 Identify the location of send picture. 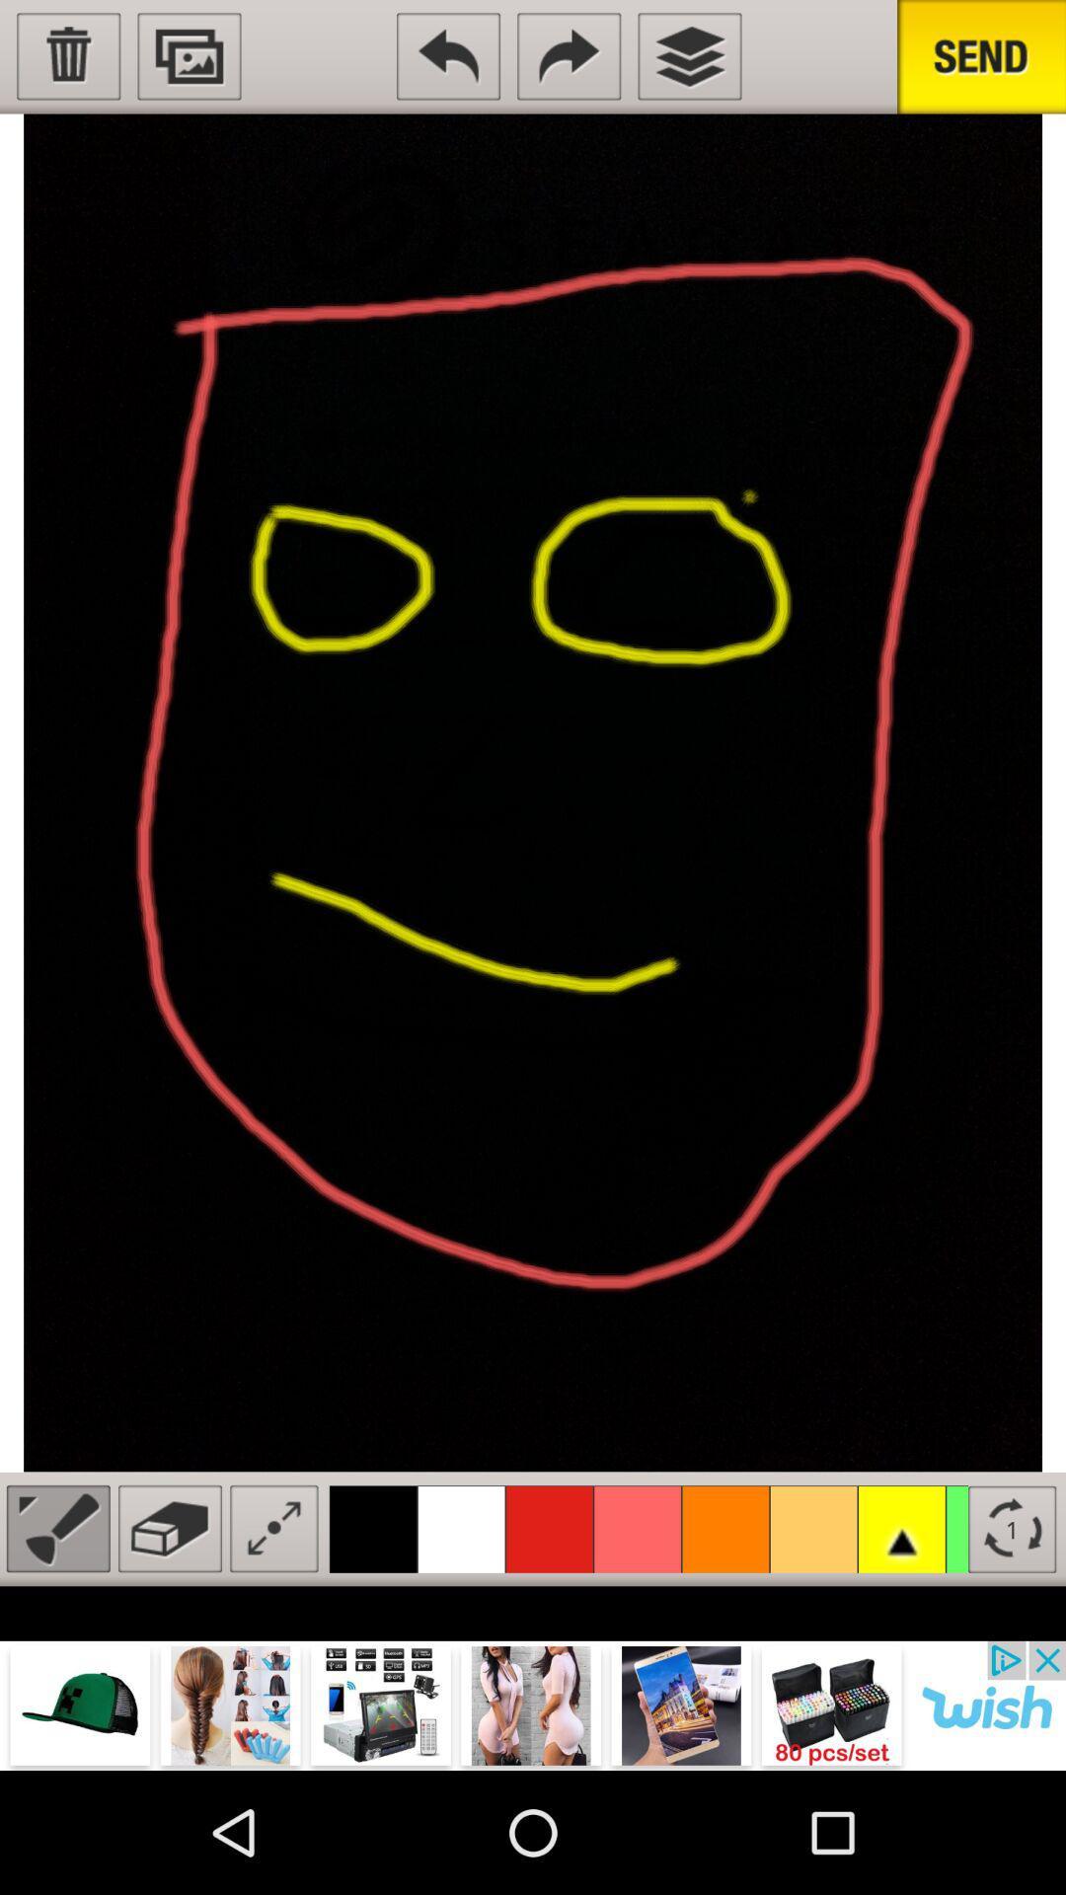
(981, 56).